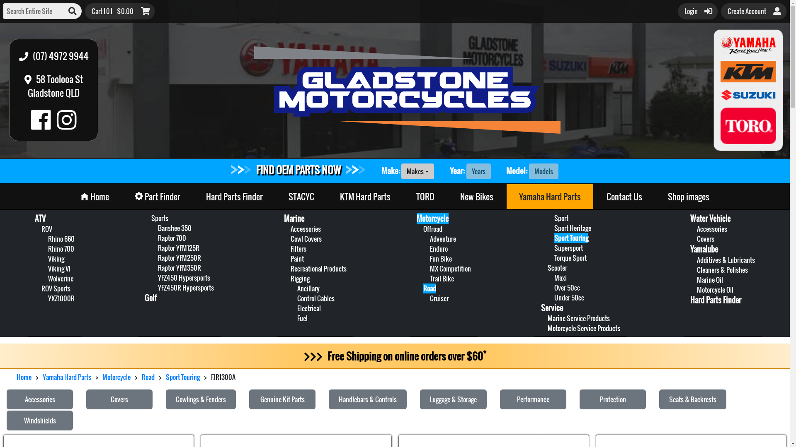  Describe the element at coordinates (294, 218) in the screenshot. I see `'Marine'` at that location.